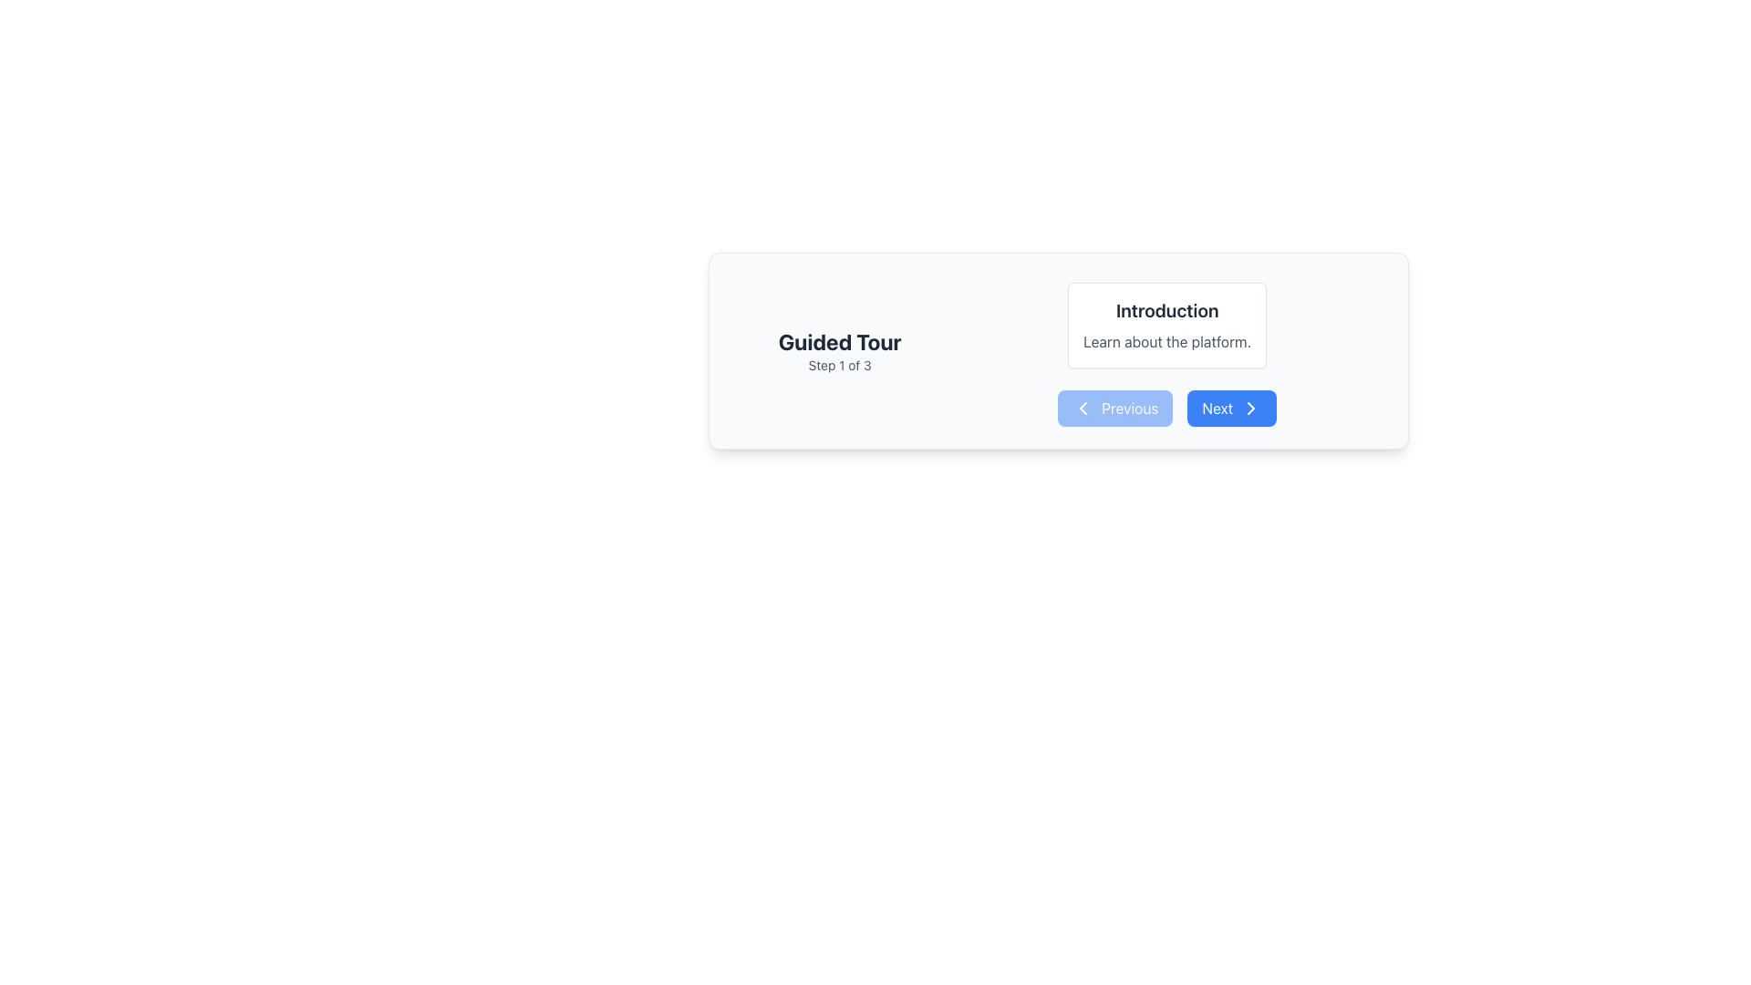  Describe the element at coordinates (1083, 407) in the screenshot. I see `the left-facing chevron icon within the 'Previous' button, which is styled with a line-based design and typically indicates a 'back' action` at that location.